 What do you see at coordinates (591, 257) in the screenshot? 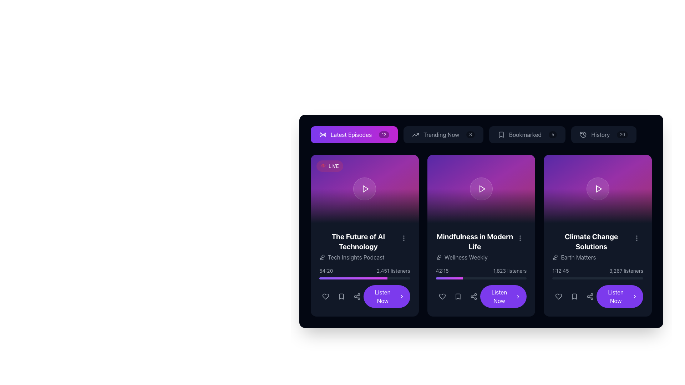
I see `the label providing contextual information related to 'Climate Change Solutions', located beneath the title in the rightmost card of a three-card layout` at bounding box center [591, 257].